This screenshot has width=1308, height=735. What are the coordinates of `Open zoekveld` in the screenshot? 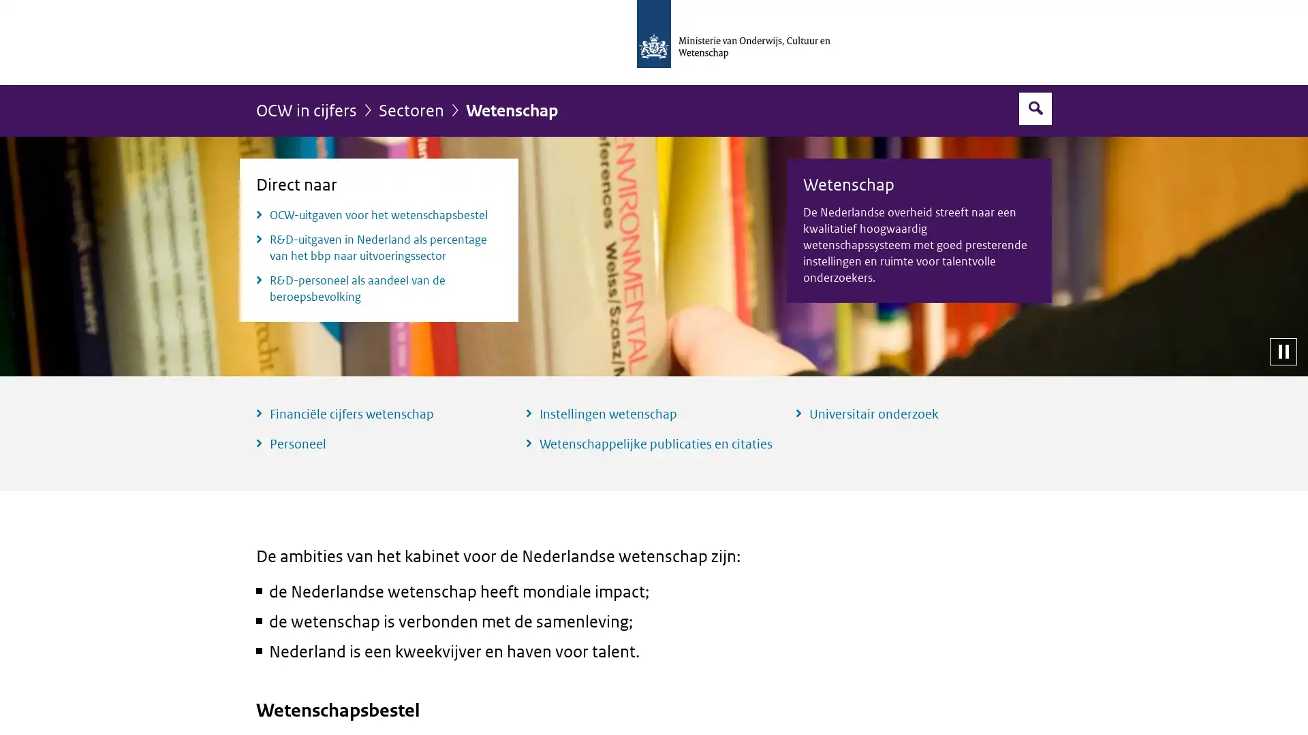 It's located at (1035, 108).